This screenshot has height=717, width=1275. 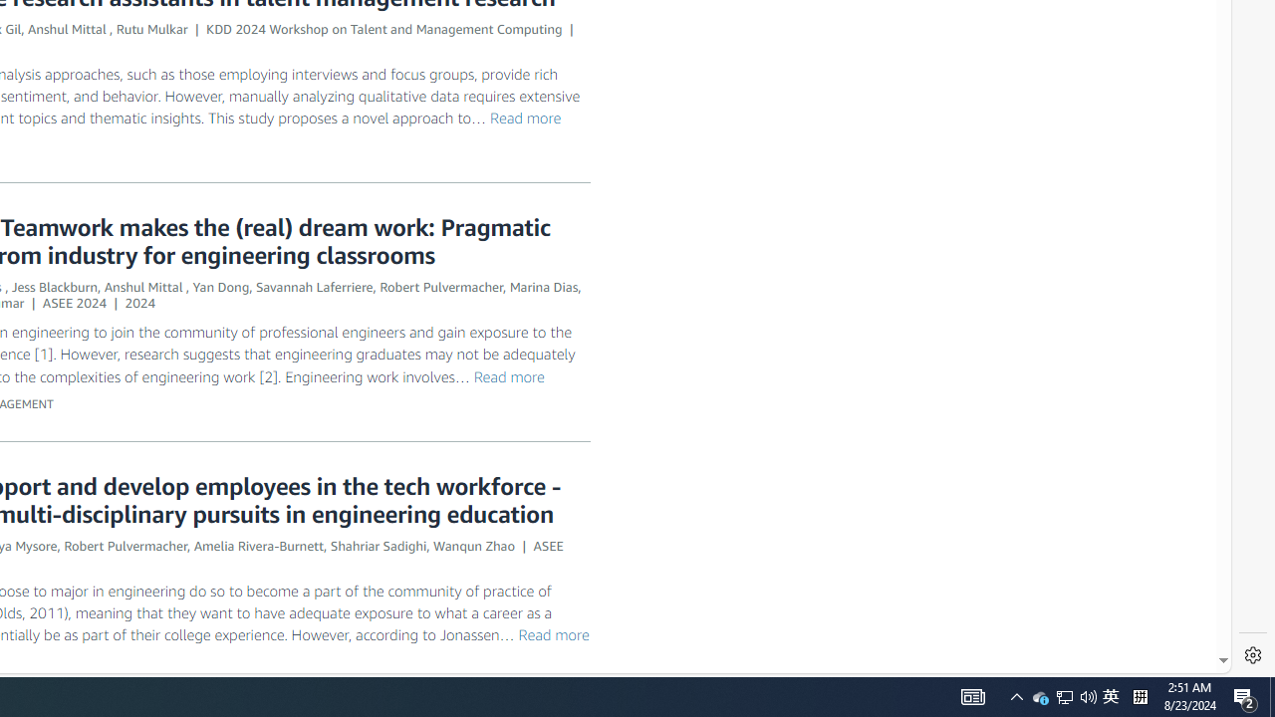 I want to click on 'Yan Dong', so click(x=221, y=287).